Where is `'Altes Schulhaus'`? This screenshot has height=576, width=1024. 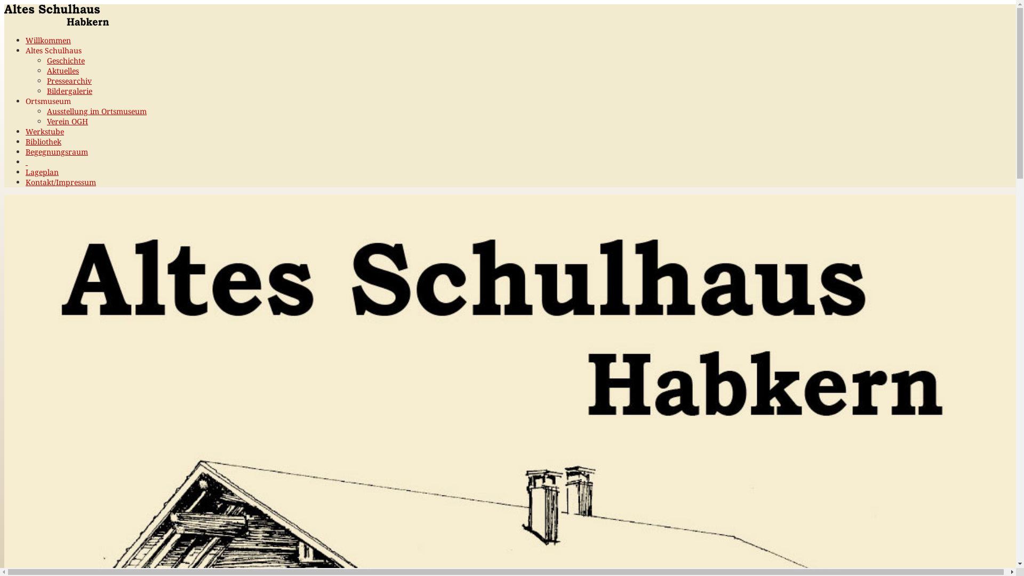 'Altes Schulhaus' is located at coordinates (53, 50).